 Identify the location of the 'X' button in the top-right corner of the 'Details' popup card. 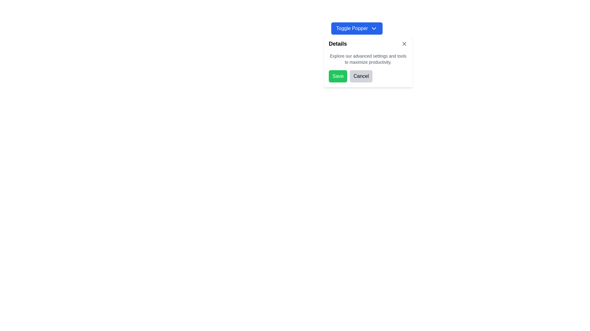
(404, 43).